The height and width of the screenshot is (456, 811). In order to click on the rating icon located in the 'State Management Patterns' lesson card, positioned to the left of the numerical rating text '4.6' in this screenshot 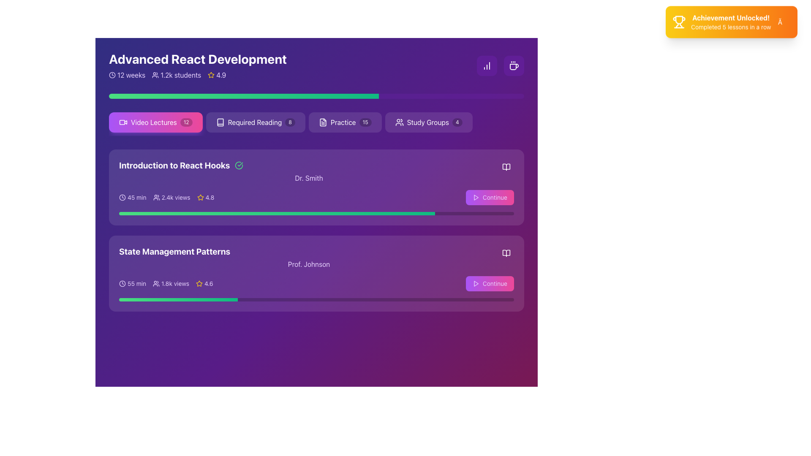, I will do `click(199, 283)`.